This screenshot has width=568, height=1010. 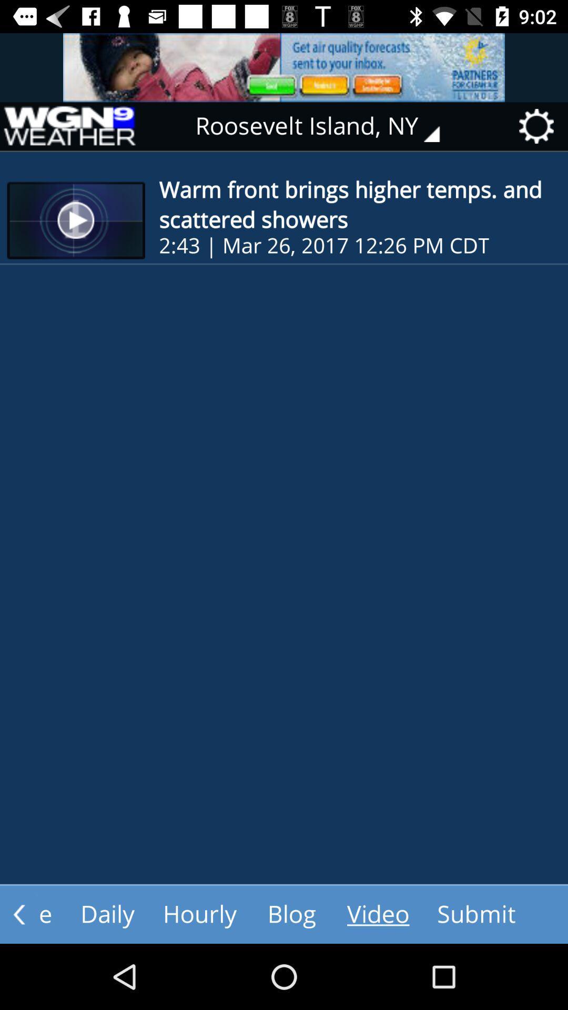 What do you see at coordinates (76, 219) in the screenshot?
I see `the first thumbnail of the page` at bounding box center [76, 219].